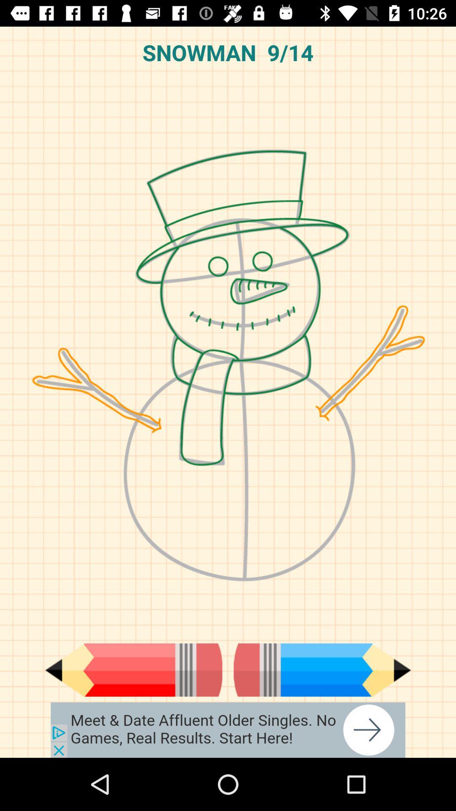  Describe the element at coordinates (133, 669) in the screenshot. I see `previous button` at that location.